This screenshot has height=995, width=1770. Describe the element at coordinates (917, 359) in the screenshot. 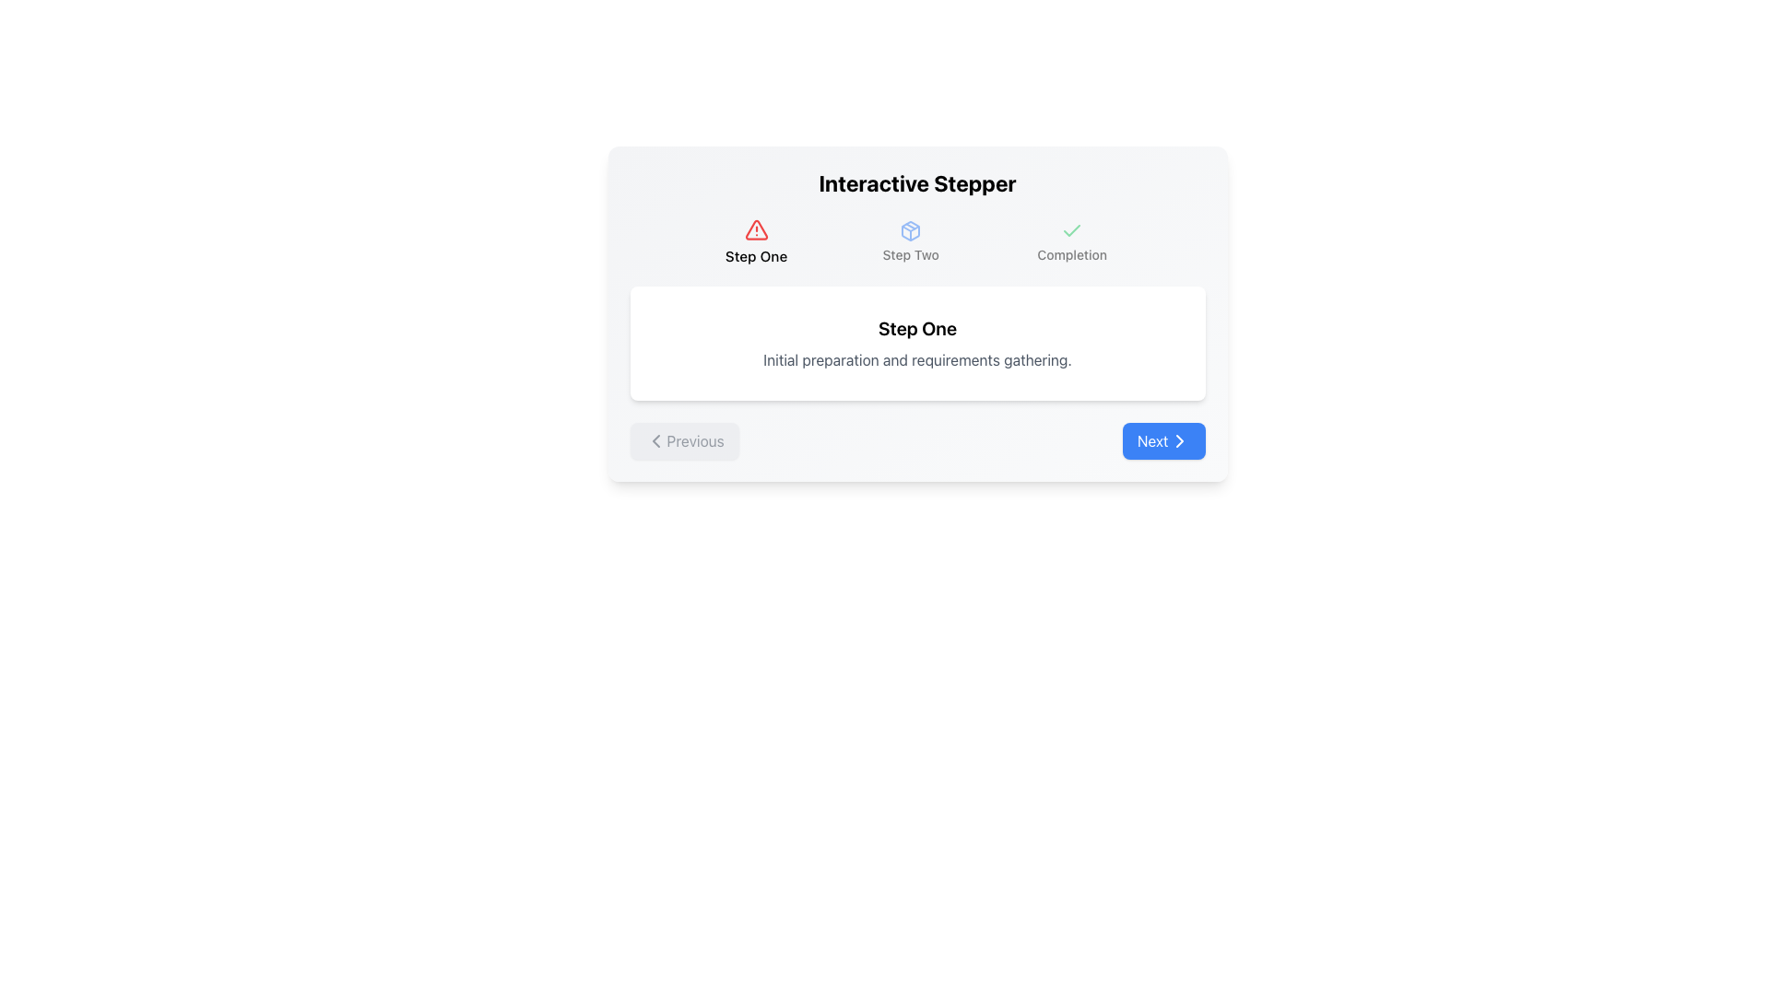

I see `the descriptive text label providing additional information about the 'Step One' stage, located within the card interface, directly below the text 'Step One'` at that location.